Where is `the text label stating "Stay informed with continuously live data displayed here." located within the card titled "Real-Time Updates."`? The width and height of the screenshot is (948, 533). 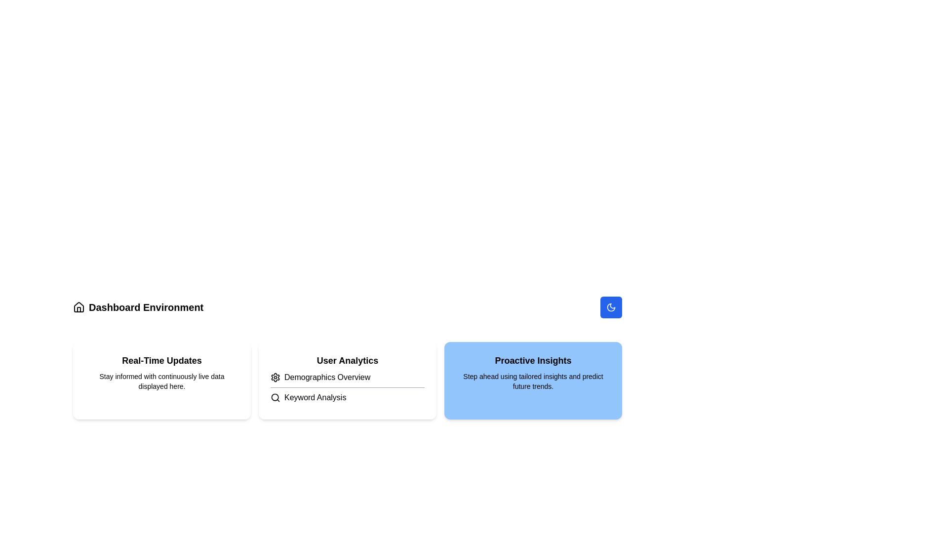
the text label stating "Stay informed with continuously live data displayed here." located within the card titled "Real-Time Updates." is located at coordinates (161, 381).